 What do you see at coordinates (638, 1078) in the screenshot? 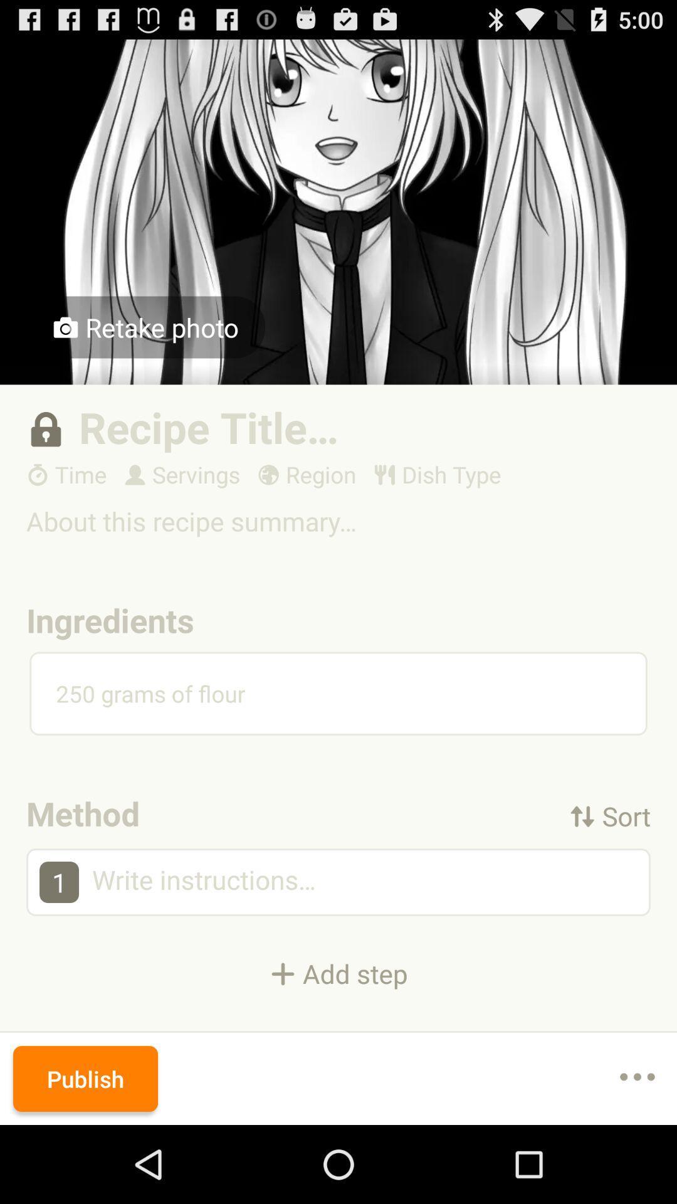
I see `the icon next to the publish icon` at bounding box center [638, 1078].